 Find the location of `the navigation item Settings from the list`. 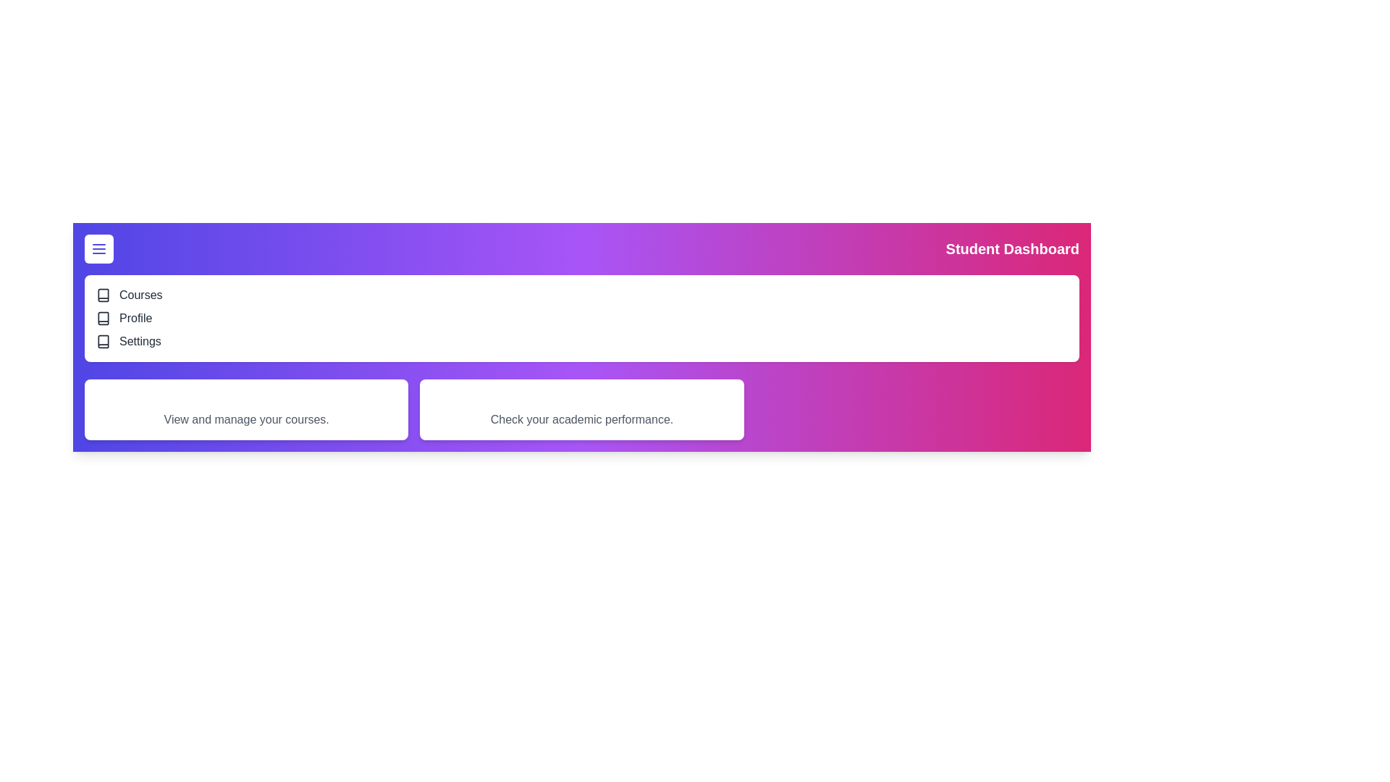

the navigation item Settings from the list is located at coordinates (107, 347).